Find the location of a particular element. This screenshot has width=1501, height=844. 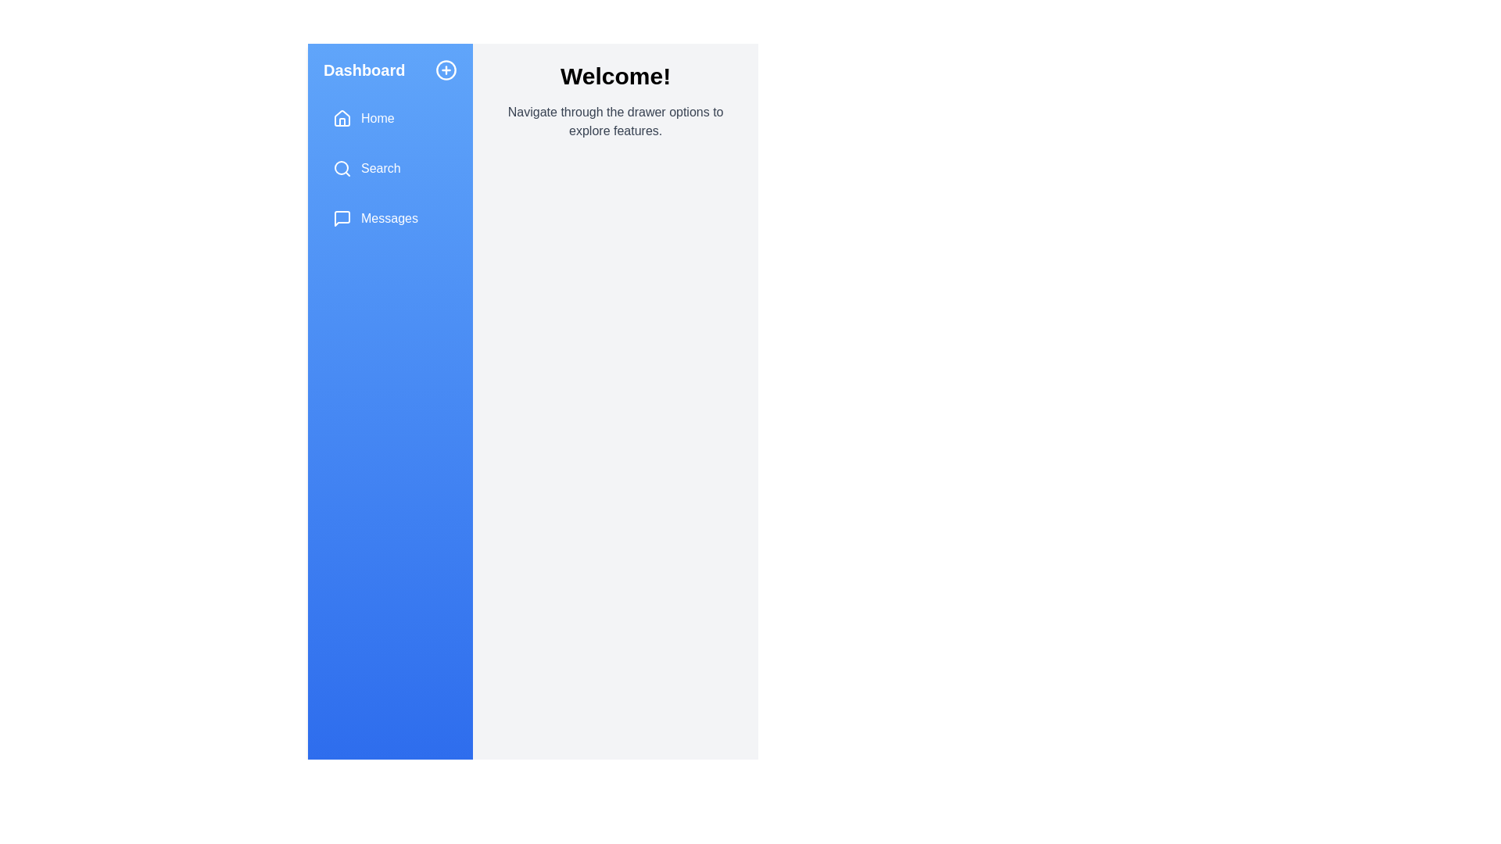

the 'Search' option in the drawer to navigate to the corresponding section is located at coordinates (390, 169).